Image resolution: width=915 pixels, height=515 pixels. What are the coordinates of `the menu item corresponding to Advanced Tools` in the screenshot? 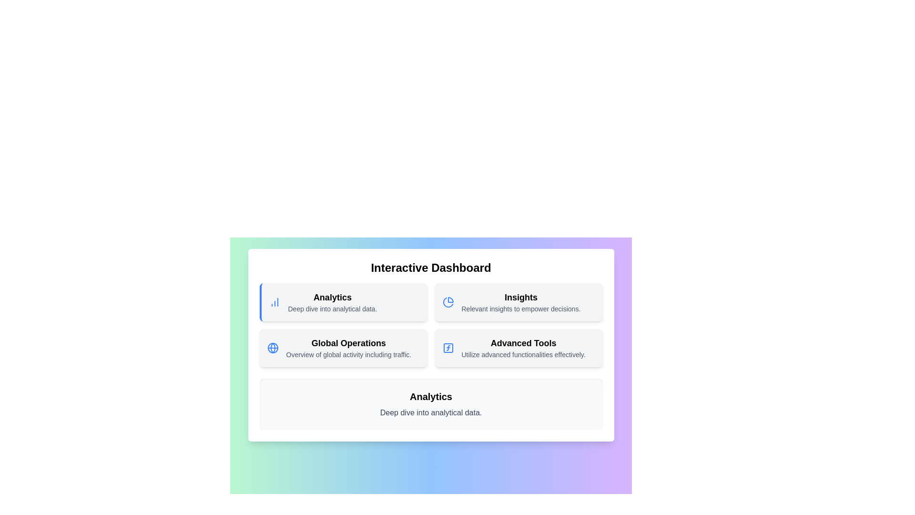 It's located at (518, 348).